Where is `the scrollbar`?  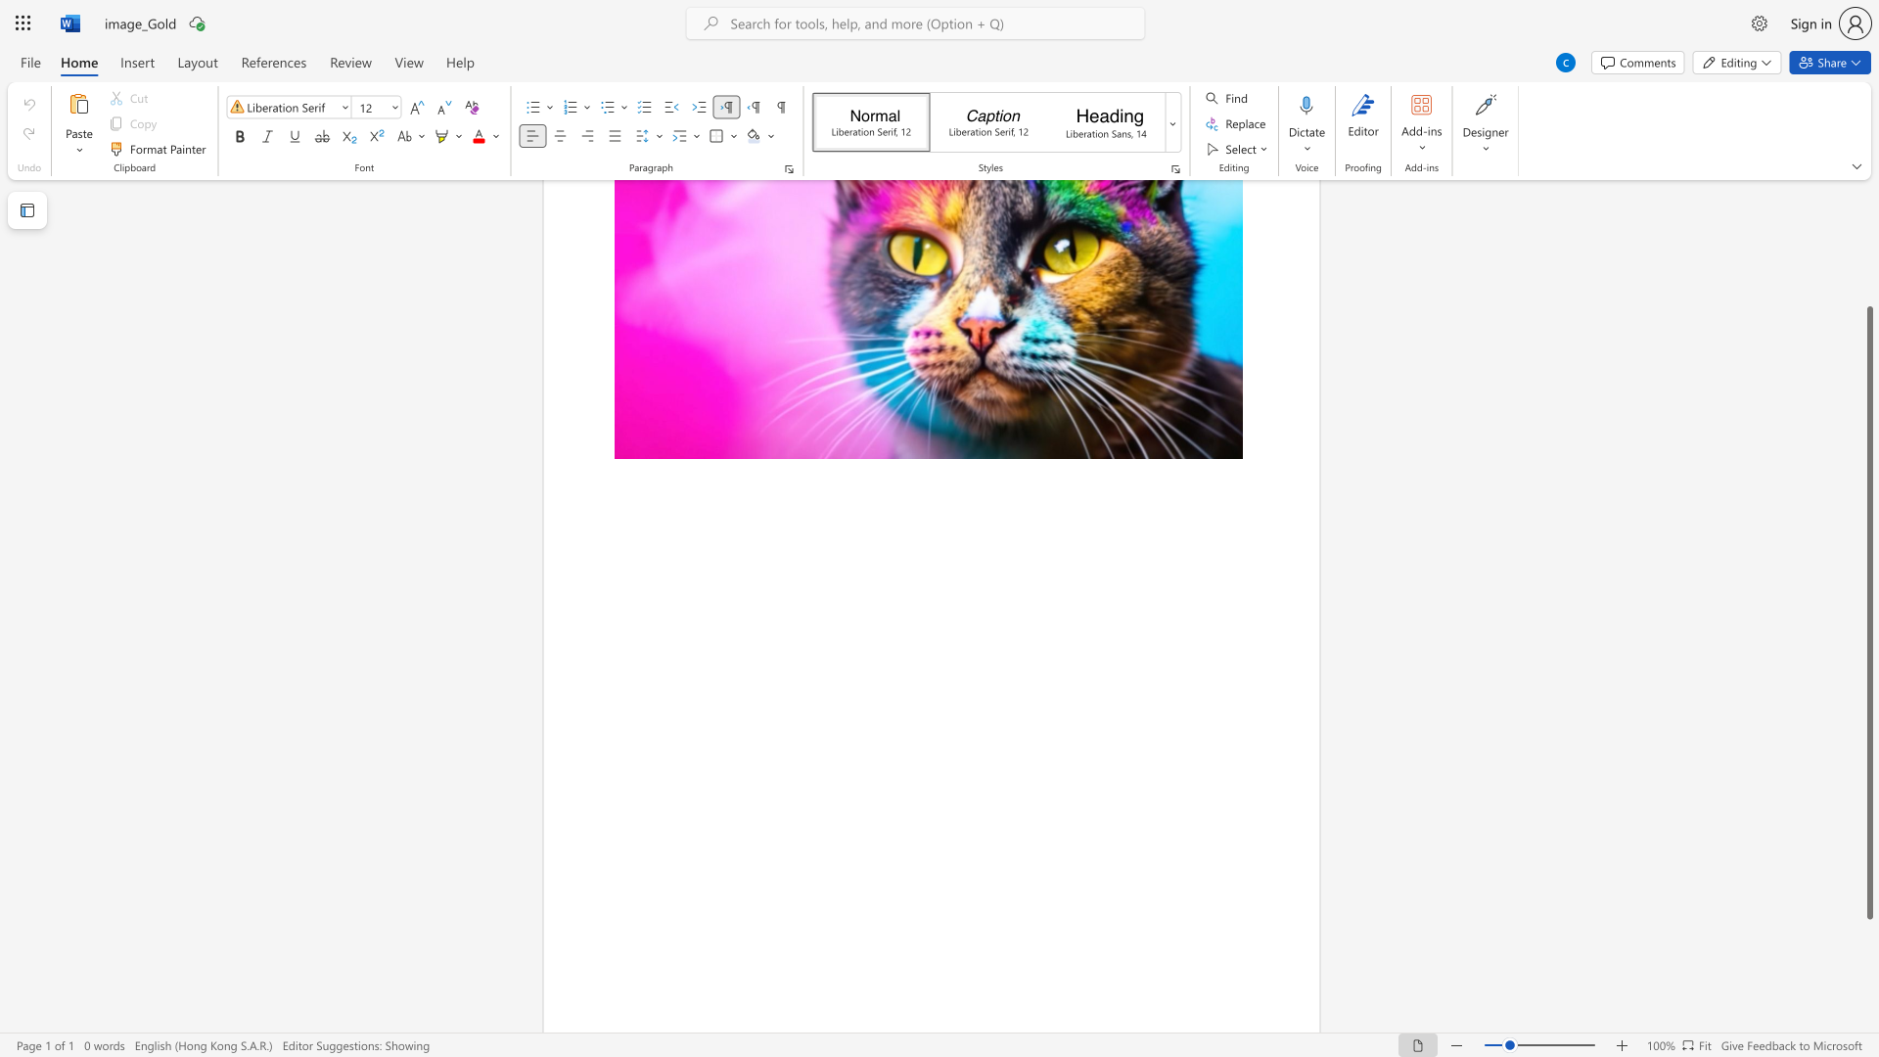
the scrollbar is located at coordinates (1868, 294).